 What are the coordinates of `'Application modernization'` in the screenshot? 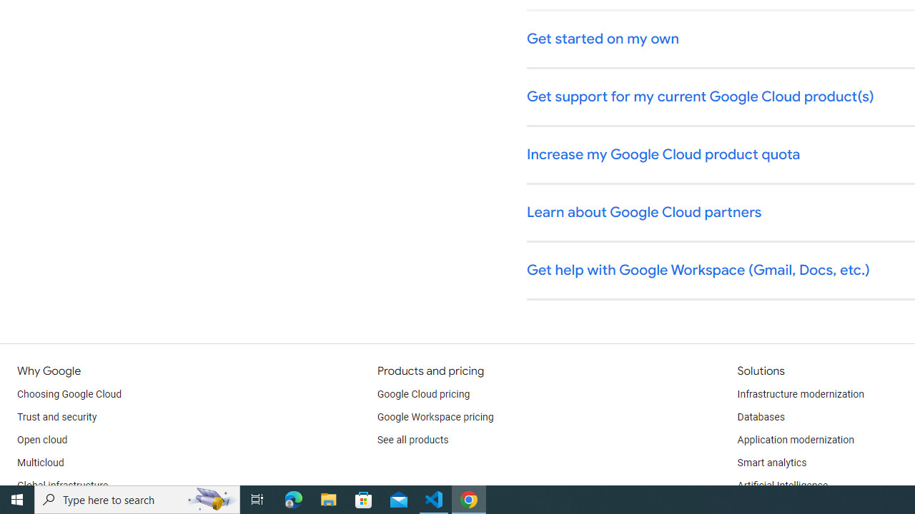 It's located at (794, 440).